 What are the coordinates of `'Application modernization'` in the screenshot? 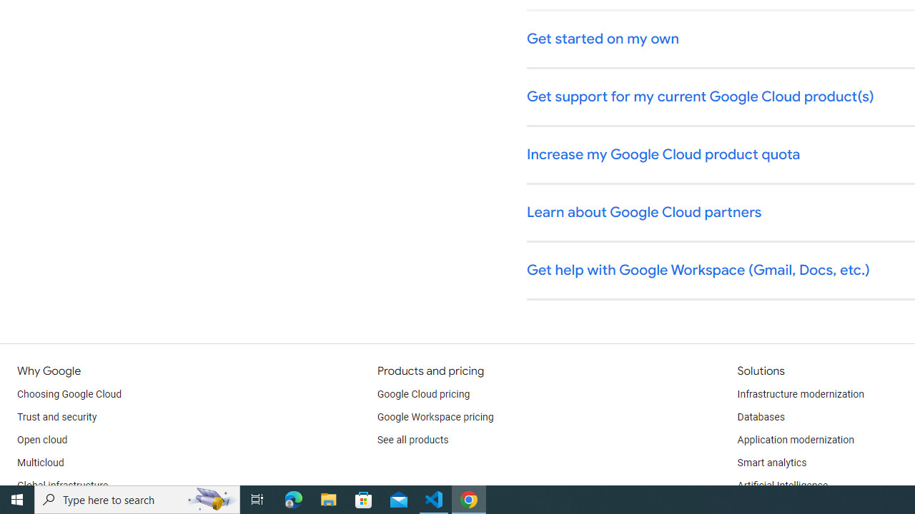 It's located at (794, 440).